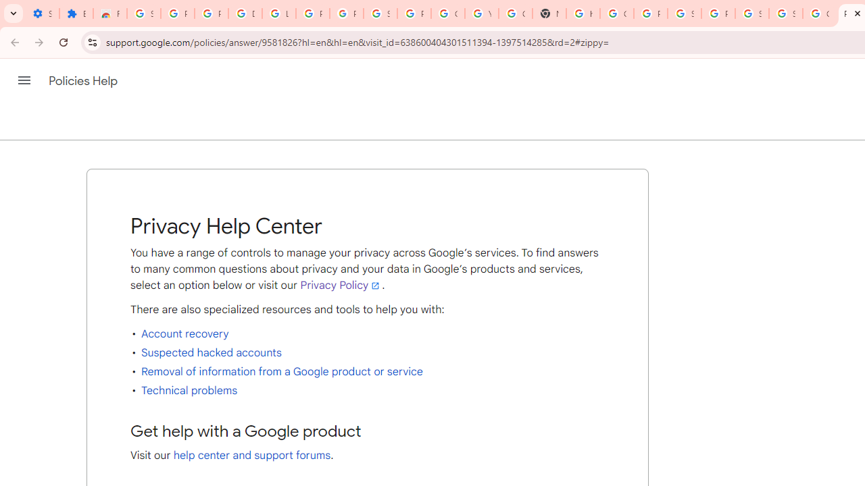  I want to click on 'help center and support forums', so click(252, 456).